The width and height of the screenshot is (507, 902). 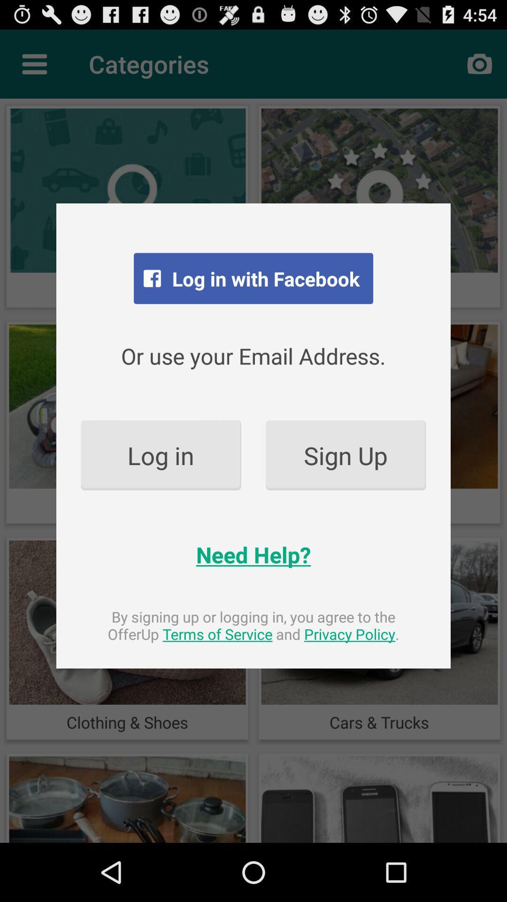 I want to click on the sign up item, so click(x=346, y=455).